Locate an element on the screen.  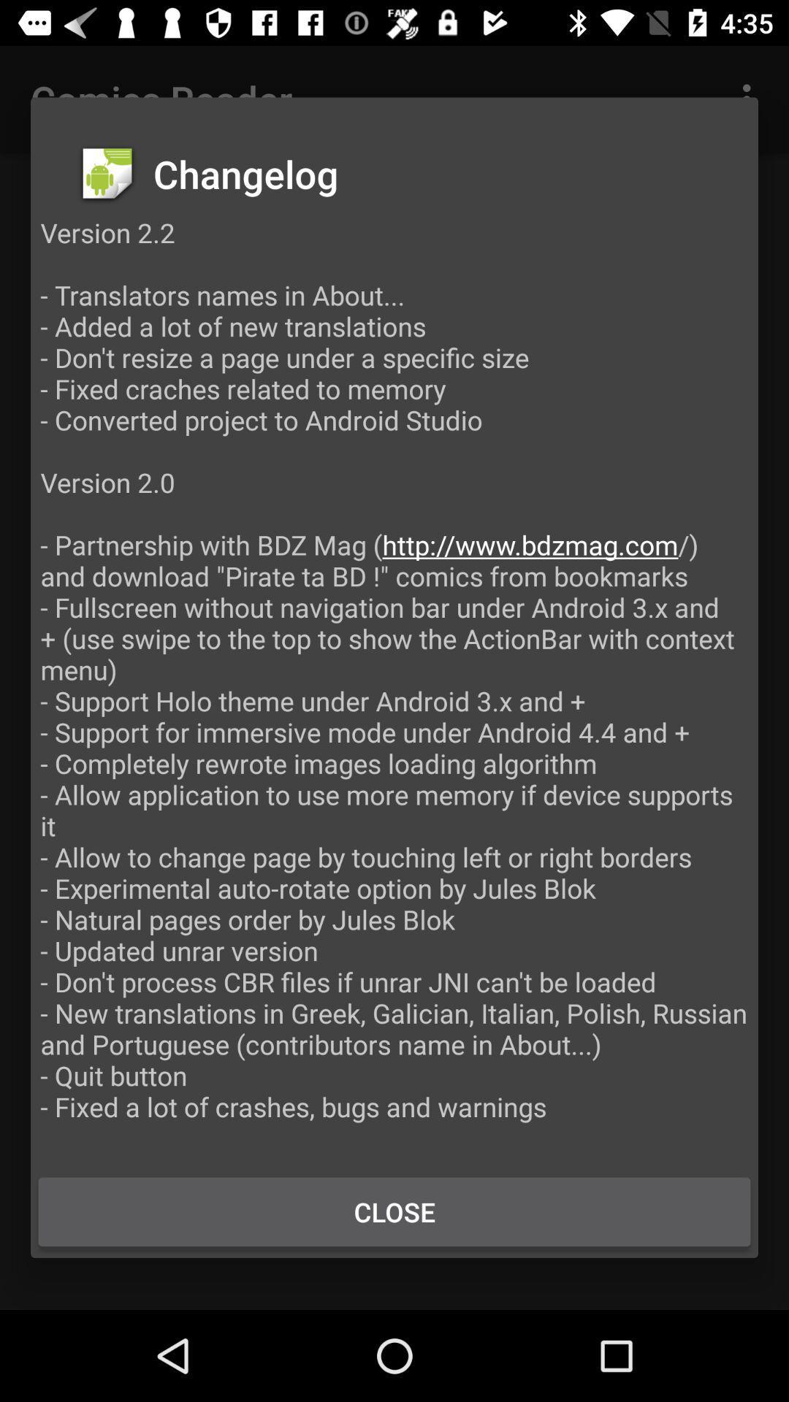
item below version 2 2 is located at coordinates (394, 1211).